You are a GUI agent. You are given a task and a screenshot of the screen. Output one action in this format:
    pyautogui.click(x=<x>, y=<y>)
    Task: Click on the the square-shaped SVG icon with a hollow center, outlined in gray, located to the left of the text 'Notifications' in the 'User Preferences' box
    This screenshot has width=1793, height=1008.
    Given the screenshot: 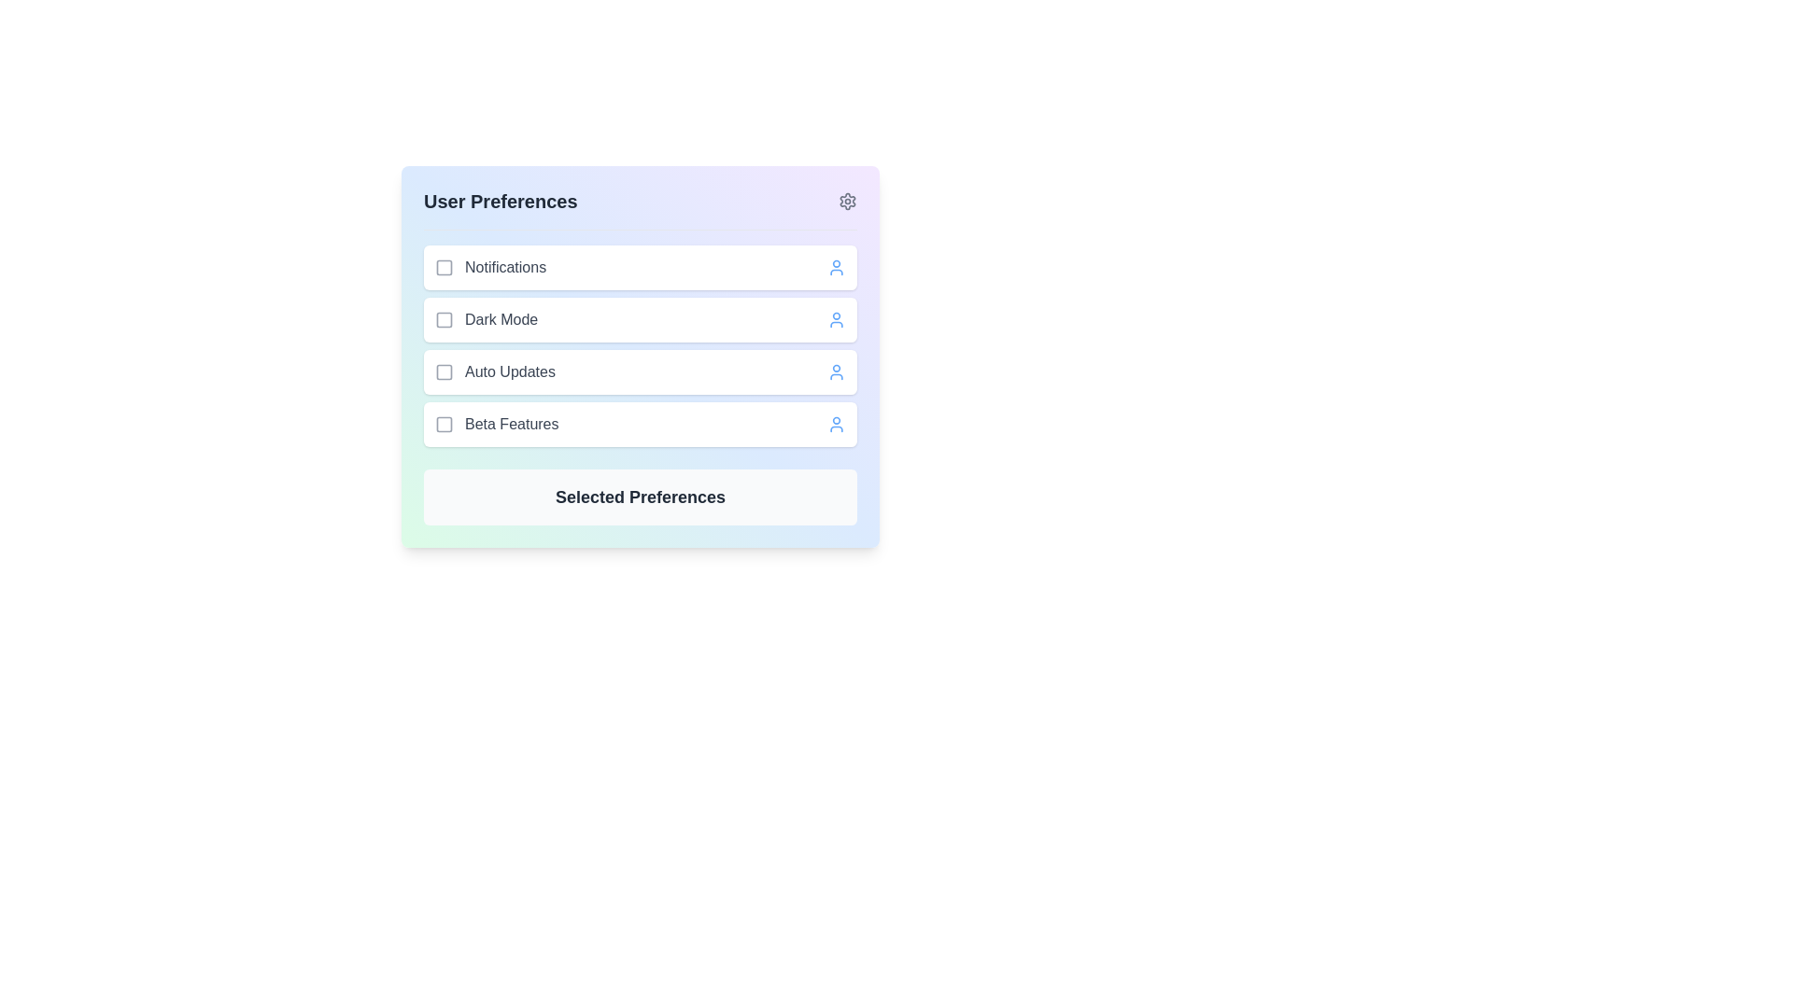 What is the action you would take?
    pyautogui.click(x=443, y=267)
    